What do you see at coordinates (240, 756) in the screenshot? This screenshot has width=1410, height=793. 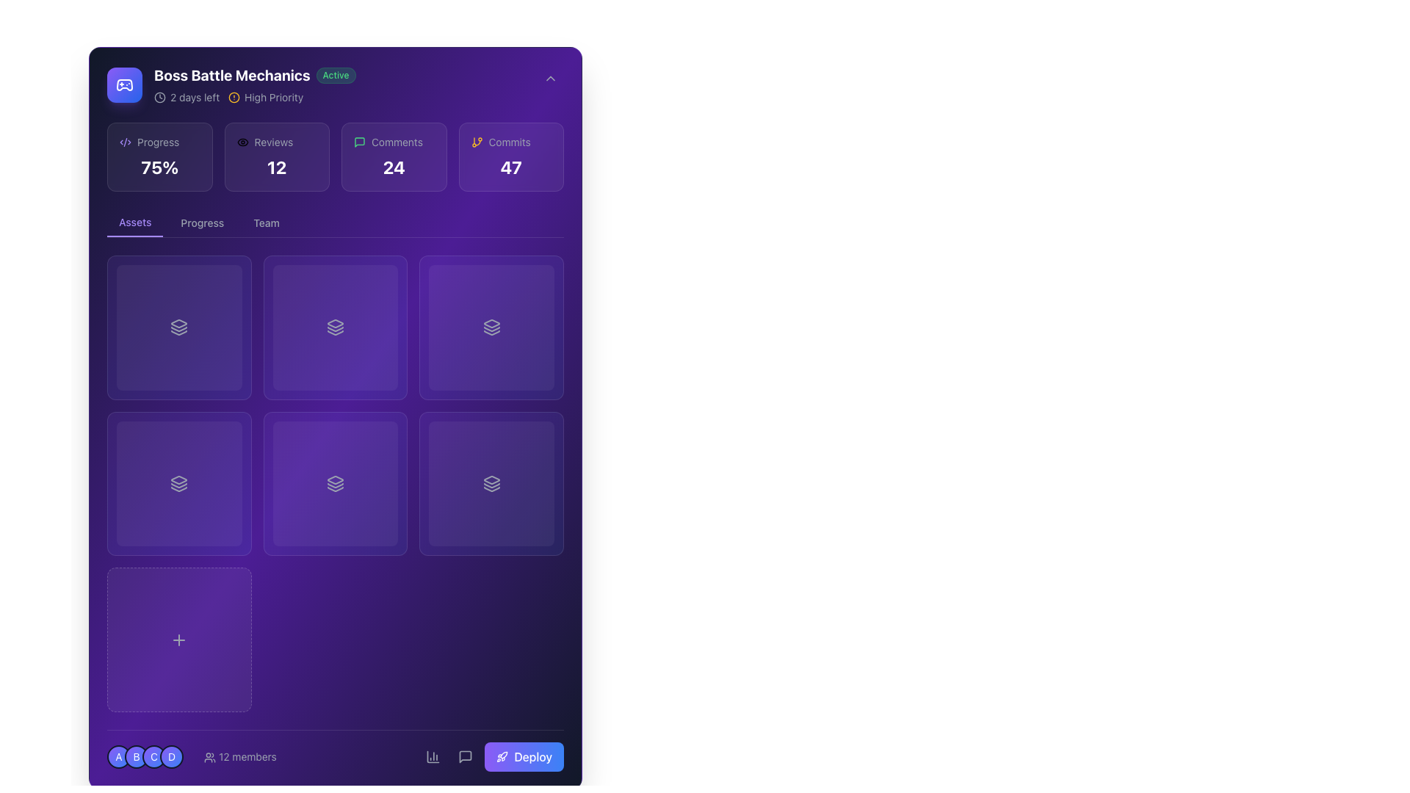 I see `the interactive text component displaying '12 members' with an accompanying user icon` at bounding box center [240, 756].